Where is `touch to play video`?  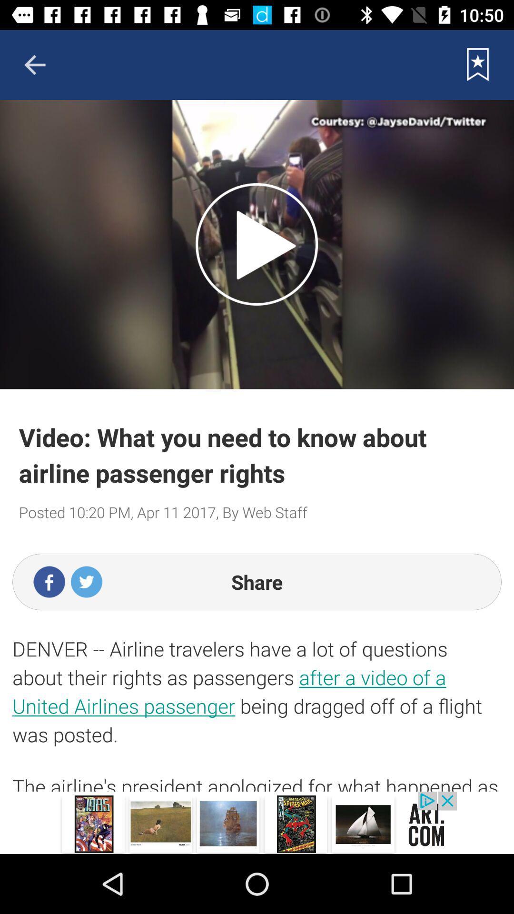 touch to play video is located at coordinates (256, 244).